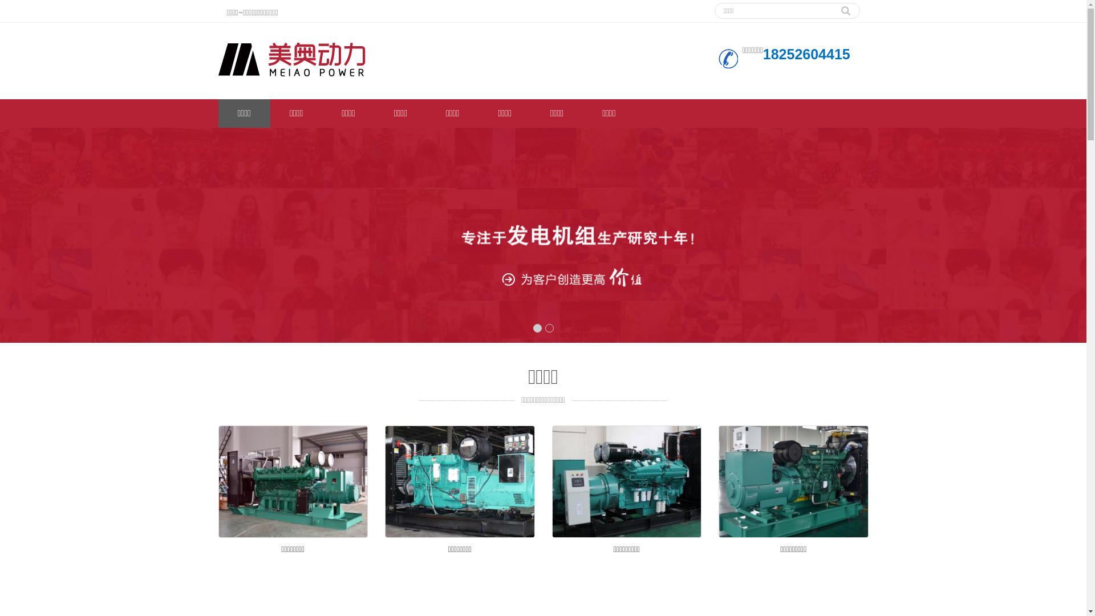 The height and width of the screenshot is (616, 1095). What do you see at coordinates (549, 328) in the screenshot?
I see `'2'` at bounding box center [549, 328].